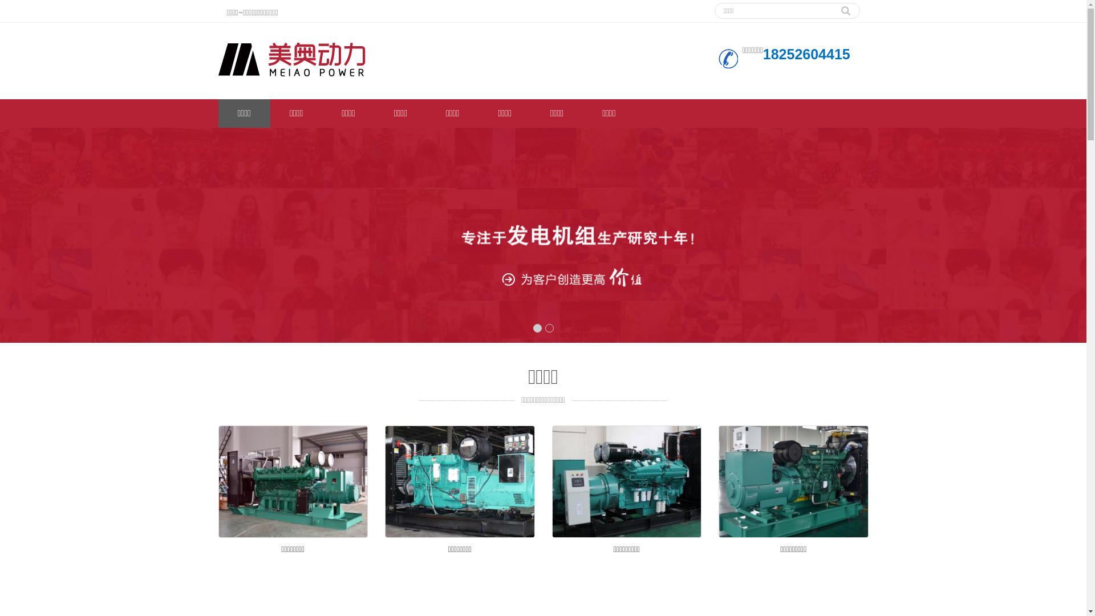 The height and width of the screenshot is (616, 1095). What do you see at coordinates (549, 328) in the screenshot?
I see `'2'` at bounding box center [549, 328].